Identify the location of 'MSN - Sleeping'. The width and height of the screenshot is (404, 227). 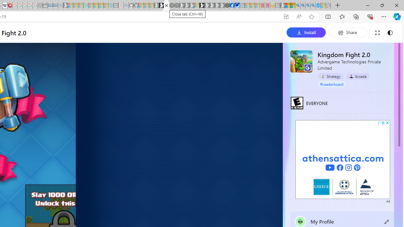
(282, 5).